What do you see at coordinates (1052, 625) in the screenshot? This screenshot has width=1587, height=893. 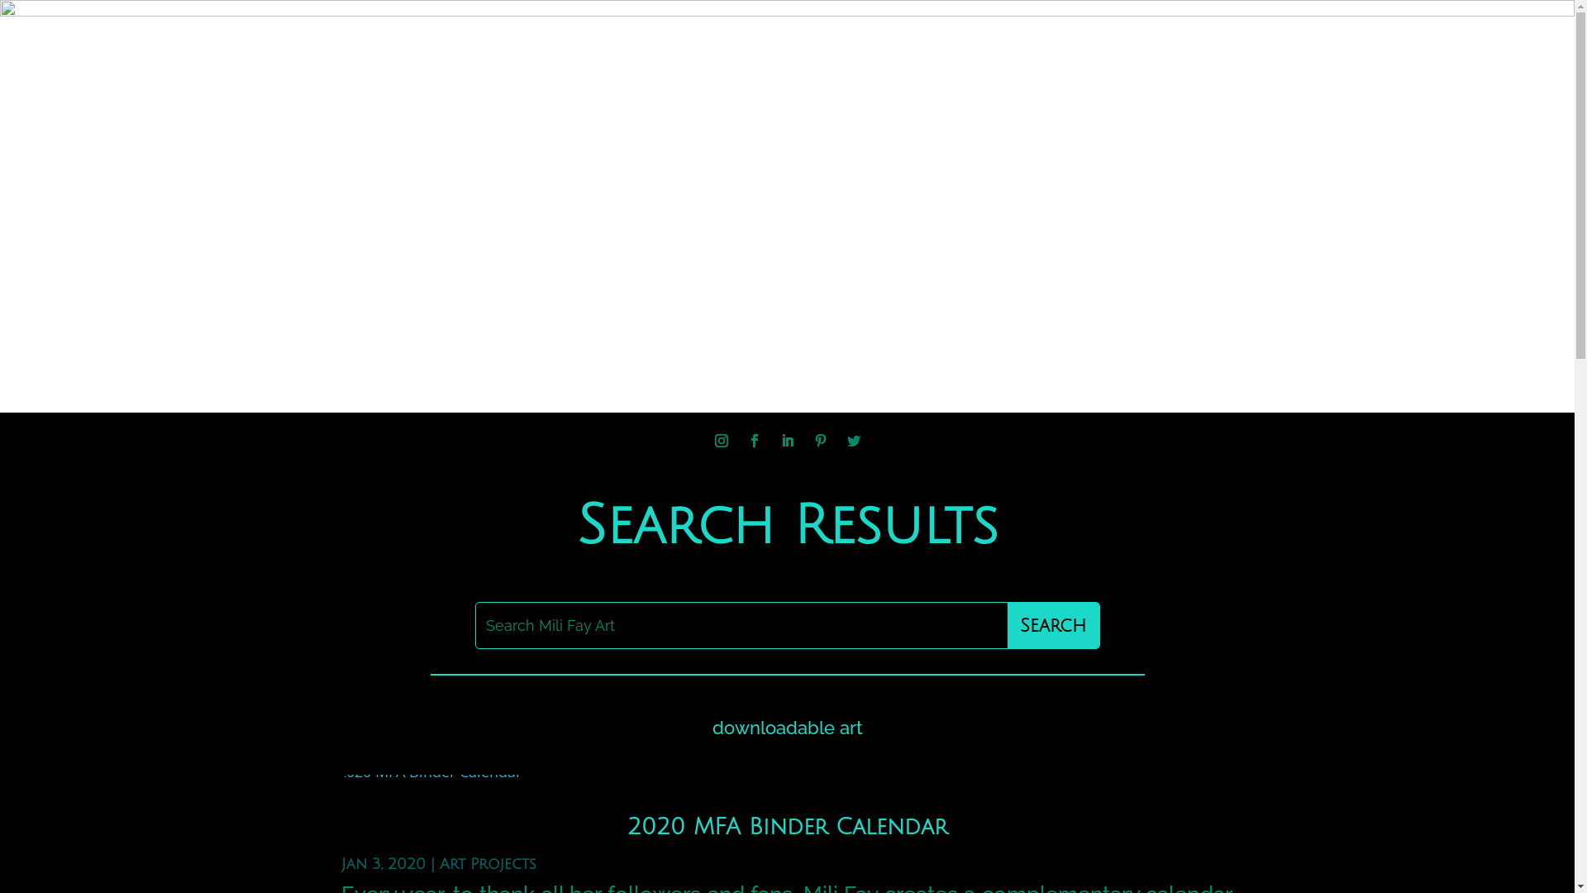 I see `'Search'` at bounding box center [1052, 625].